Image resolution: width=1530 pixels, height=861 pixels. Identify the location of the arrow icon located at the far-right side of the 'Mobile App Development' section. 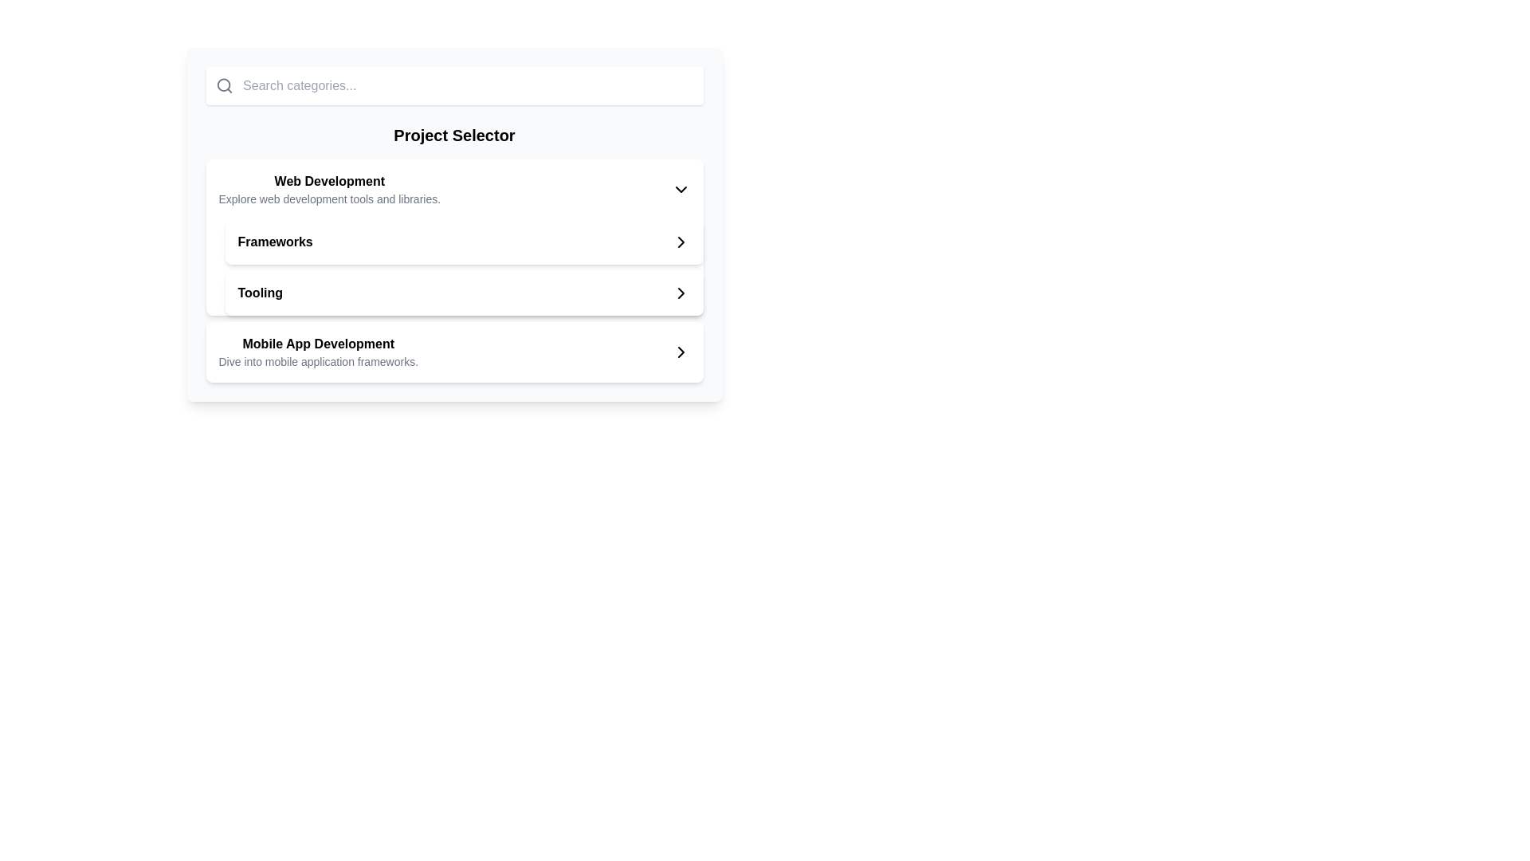
(681, 352).